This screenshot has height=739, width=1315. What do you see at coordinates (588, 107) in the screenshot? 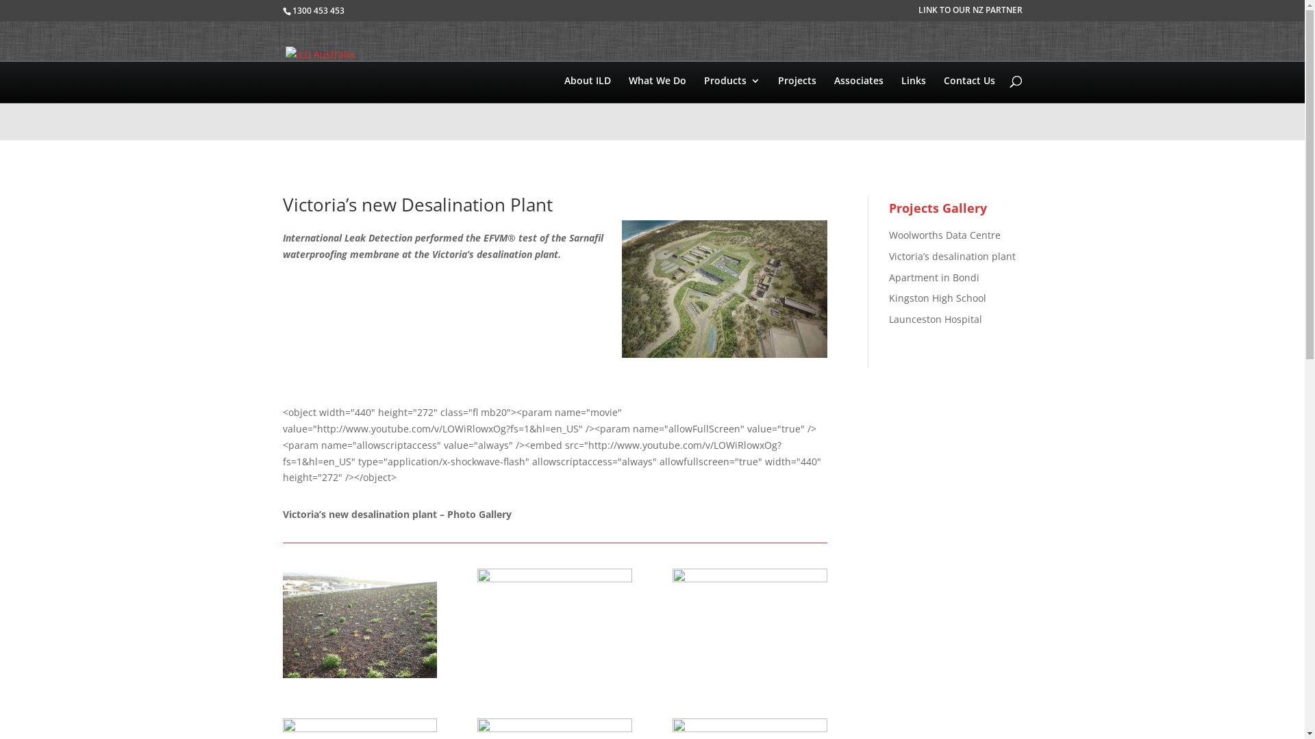
I see `'About ILD'` at bounding box center [588, 107].